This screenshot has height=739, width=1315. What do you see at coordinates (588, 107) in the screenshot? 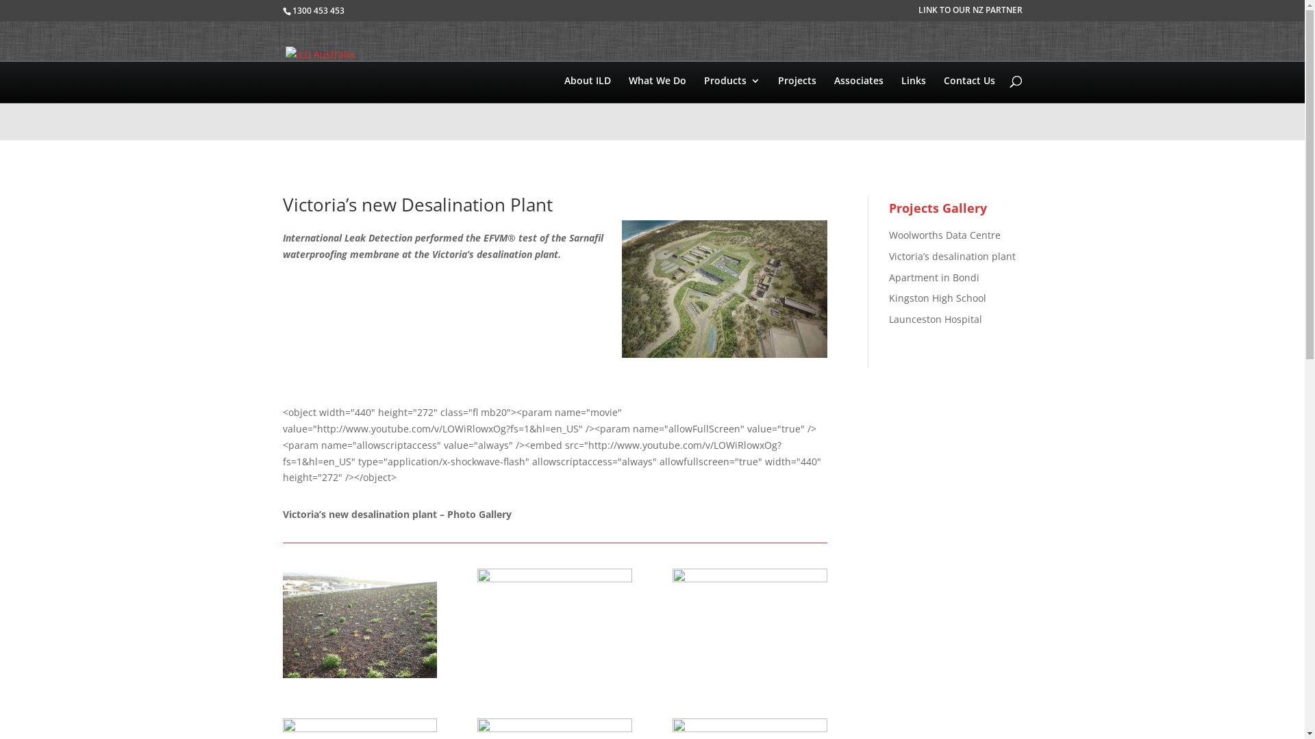
I see `'About ILD'` at bounding box center [588, 107].